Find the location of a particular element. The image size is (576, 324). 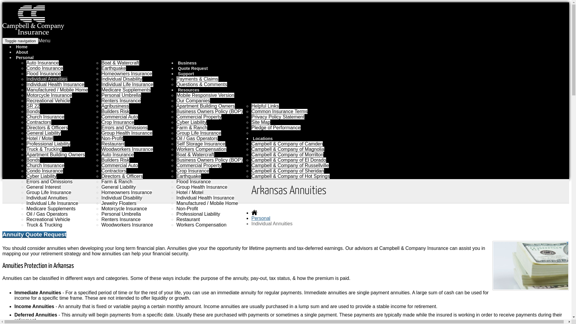

'Our Companies' is located at coordinates (193, 100).